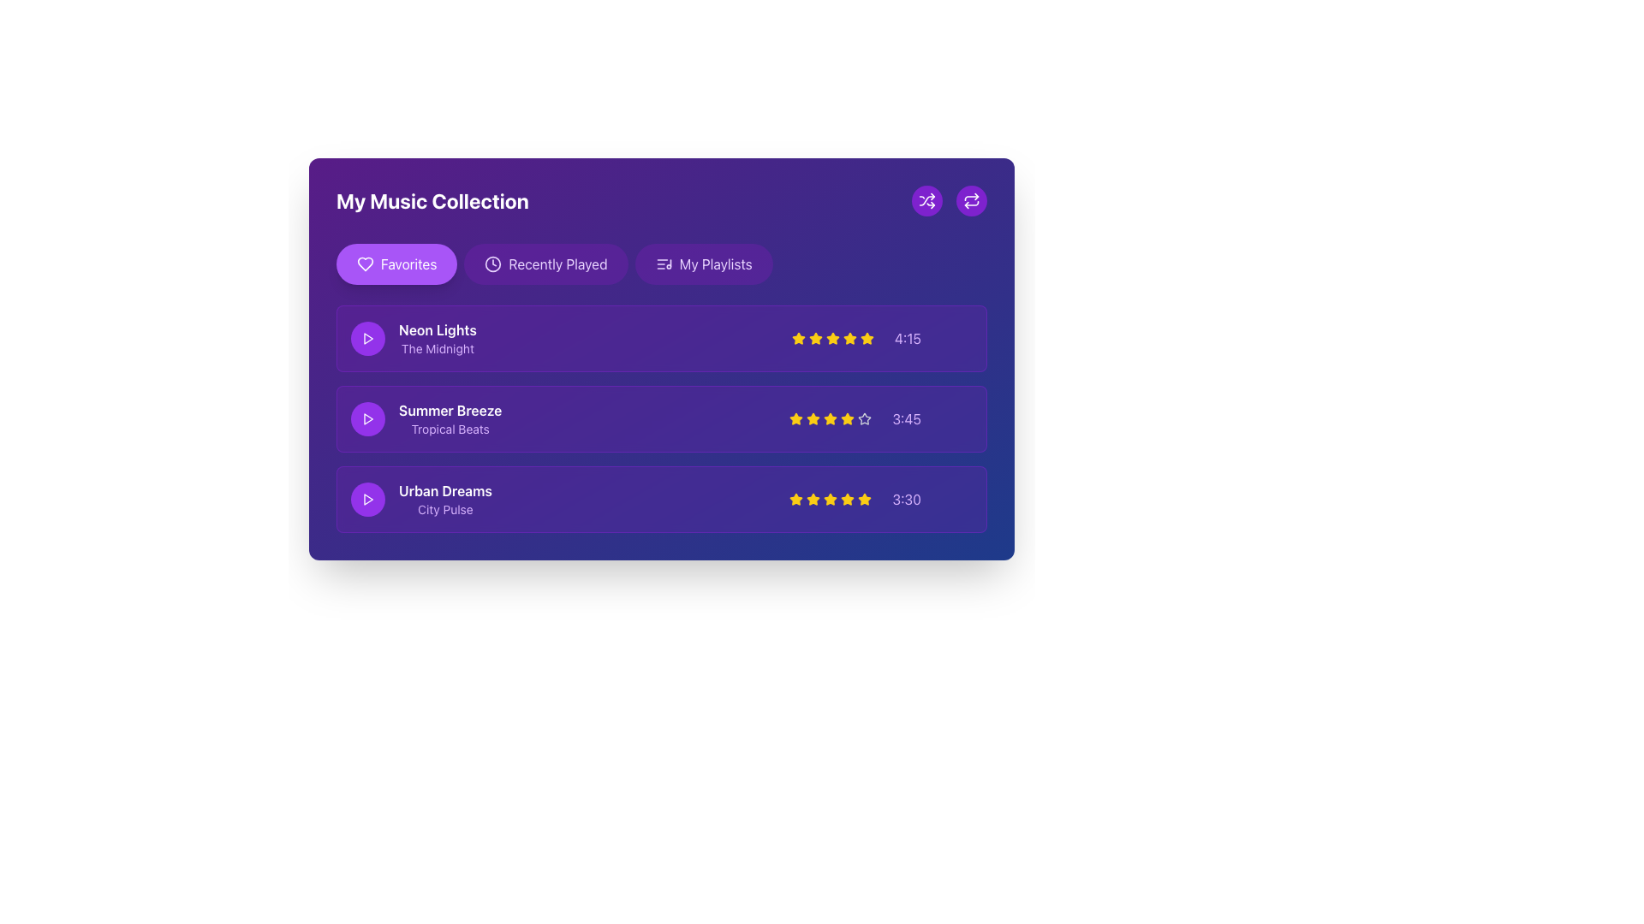 The width and height of the screenshot is (1644, 924). Describe the element at coordinates (848, 499) in the screenshot. I see `the fifth star icon representing the rating for the song 'Urban Dreams'` at that location.